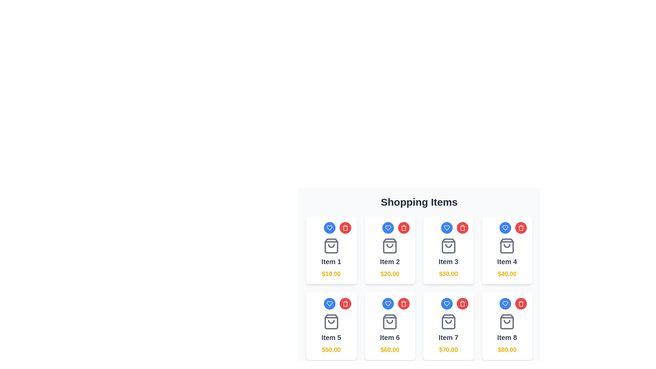 The width and height of the screenshot is (656, 369). What do you see at coordinates (448, 258) in the screenshot?
I see `the information displayed in the third informational block of the shopping items list, located under the heading 'Shopping Items'` at bounding box center [448, 258].